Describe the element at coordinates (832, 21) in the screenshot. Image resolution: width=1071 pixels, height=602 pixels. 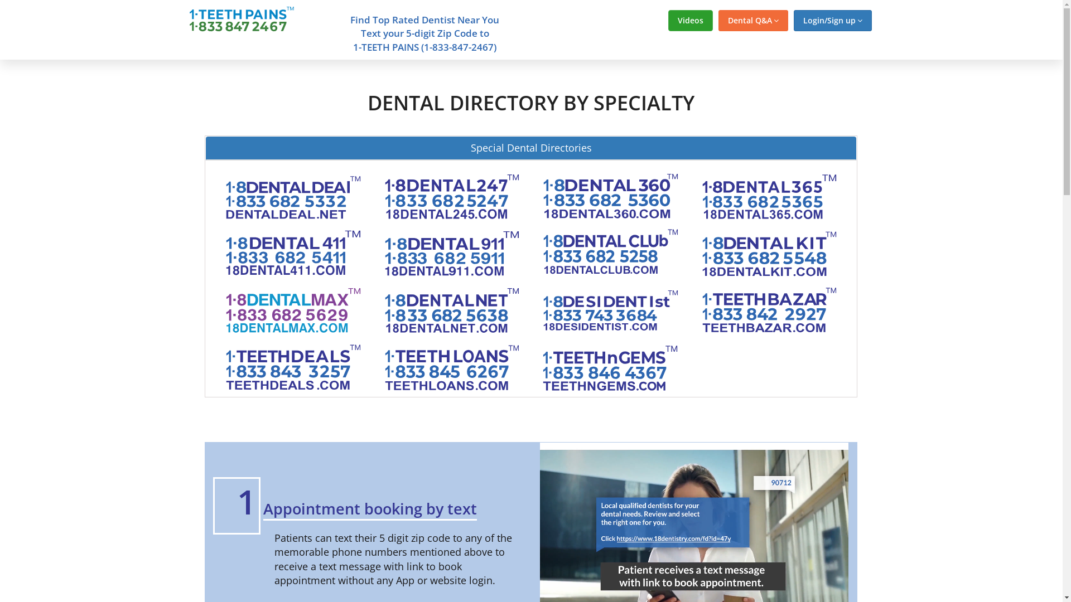
I see `'Login/Sign up'` at that location.